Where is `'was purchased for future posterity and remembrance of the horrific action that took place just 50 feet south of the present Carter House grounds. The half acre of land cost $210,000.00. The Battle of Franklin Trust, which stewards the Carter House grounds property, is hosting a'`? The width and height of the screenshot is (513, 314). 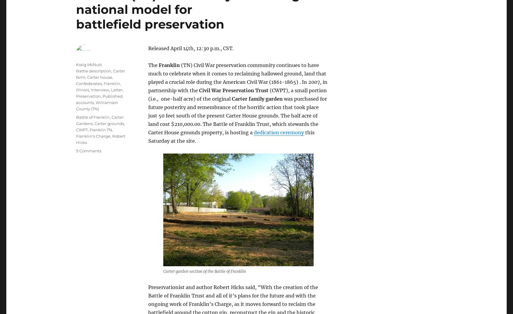
'was purchased for future posterity and remembrance of the horrific action that took place just 50 feet south of the present Carter House grounds. The half acre of land cost $210,000.00. The Battle of Franklin Trust, which stewards the Carter House grounds property, is hosting a' is located at coordinates (237, 115).